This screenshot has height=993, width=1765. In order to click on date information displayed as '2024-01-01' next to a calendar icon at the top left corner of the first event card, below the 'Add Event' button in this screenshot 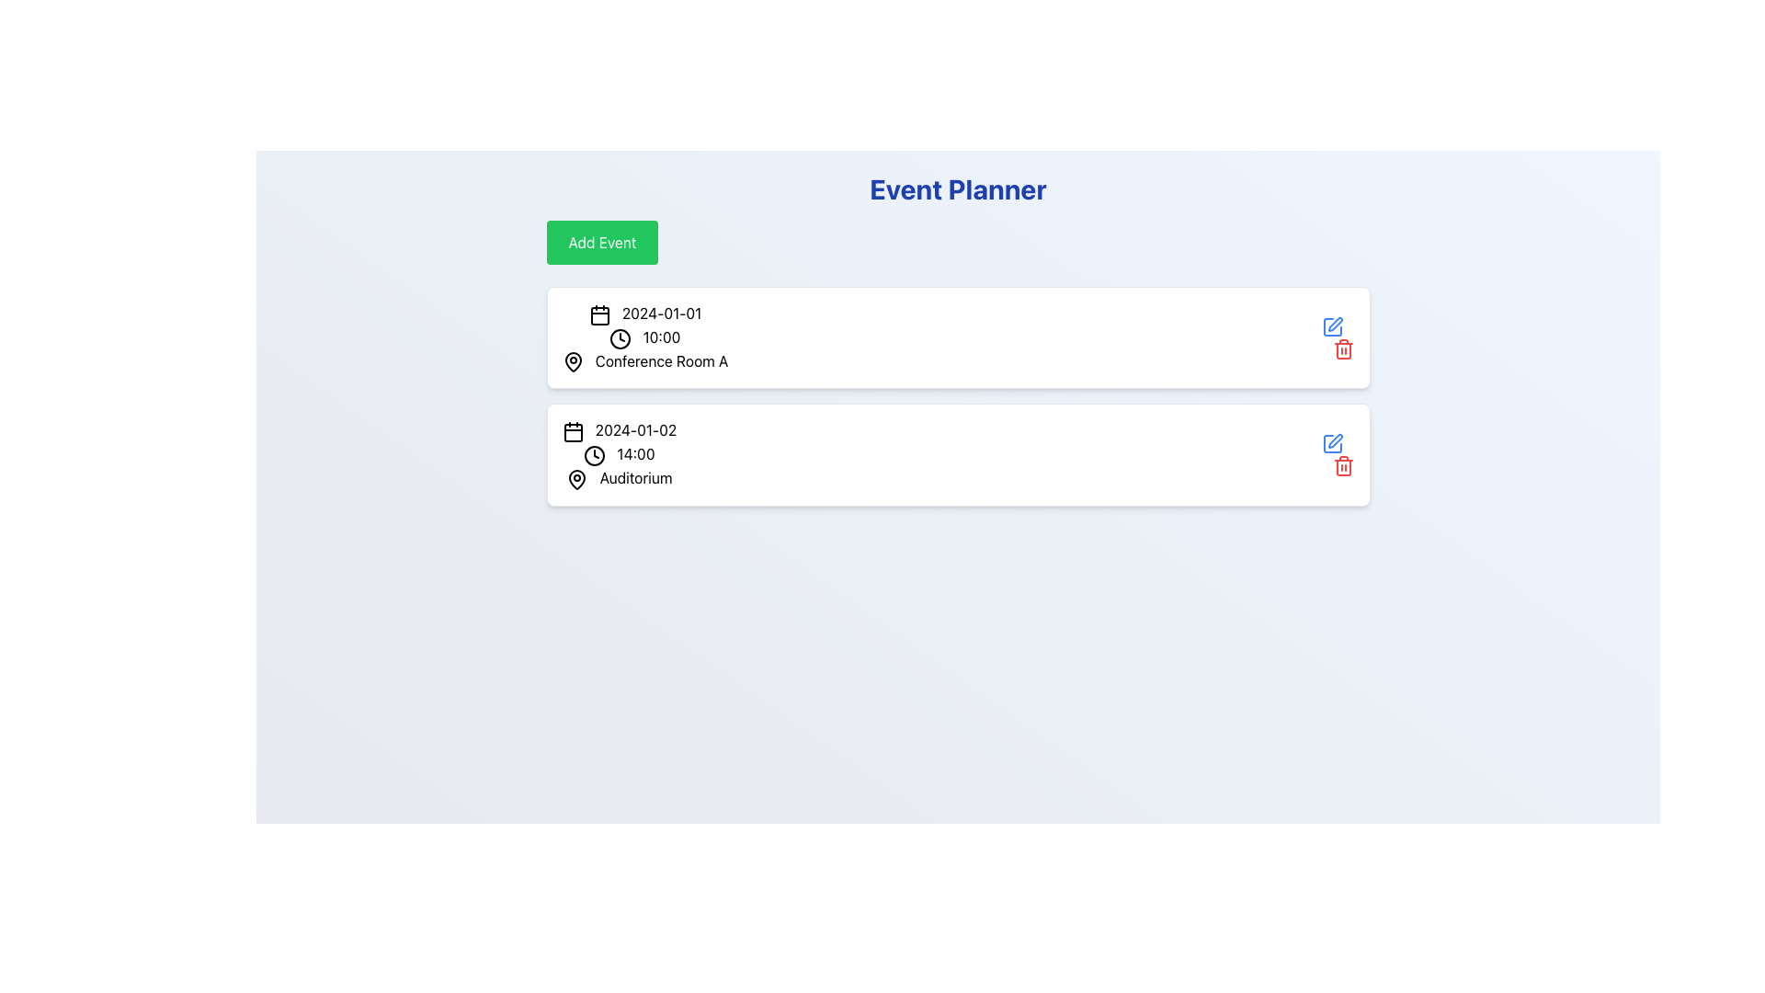, I will do `click(644, 313)`.